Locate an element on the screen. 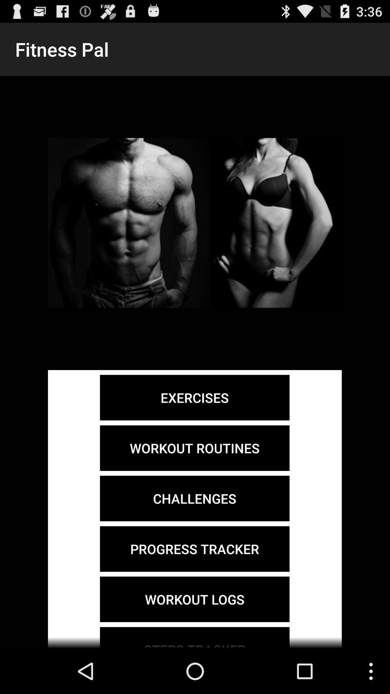 This screenshot has width=390, height=694. the icon above the challenges item is located at coordinates (194, 447).